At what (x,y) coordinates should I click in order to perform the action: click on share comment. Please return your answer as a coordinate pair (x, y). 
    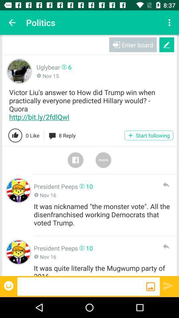
    Looking at the image, I should click on (165, 185).